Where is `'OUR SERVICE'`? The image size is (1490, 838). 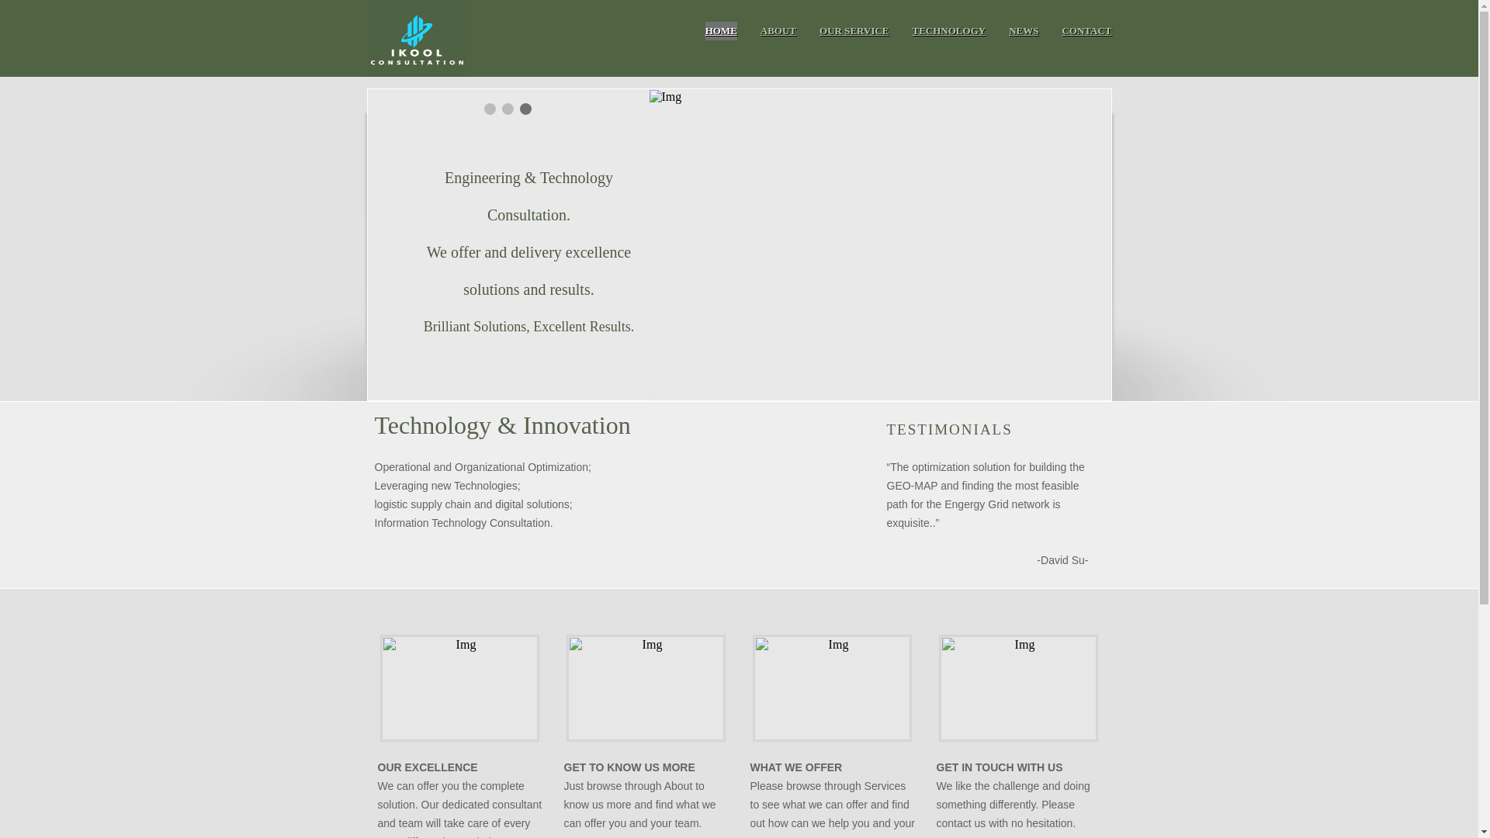 'OUR SERVICE' is located at coordinates (853, 30).